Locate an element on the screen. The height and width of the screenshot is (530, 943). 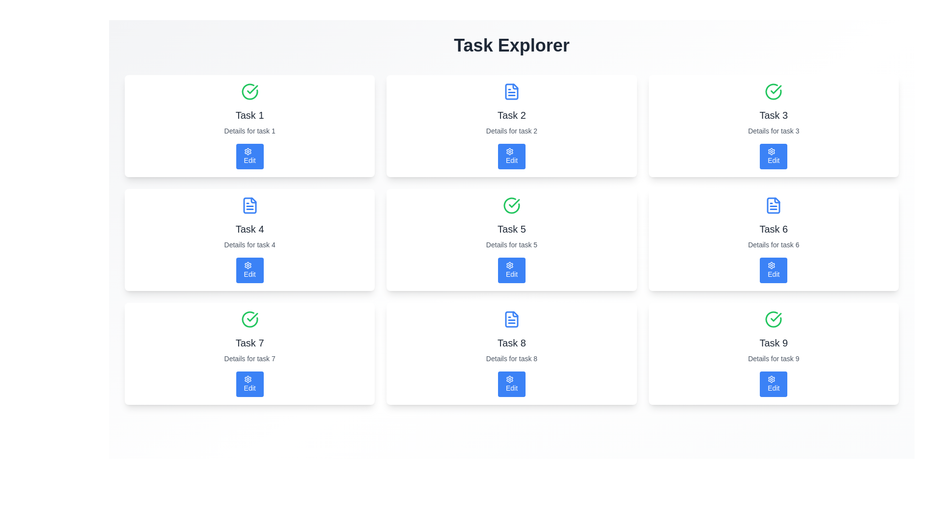
the non-interactive informational label that displays supplementary information about 'Task 1', positioned beneath the title and above the 'Edit' button is located at coordinates (250, 130).